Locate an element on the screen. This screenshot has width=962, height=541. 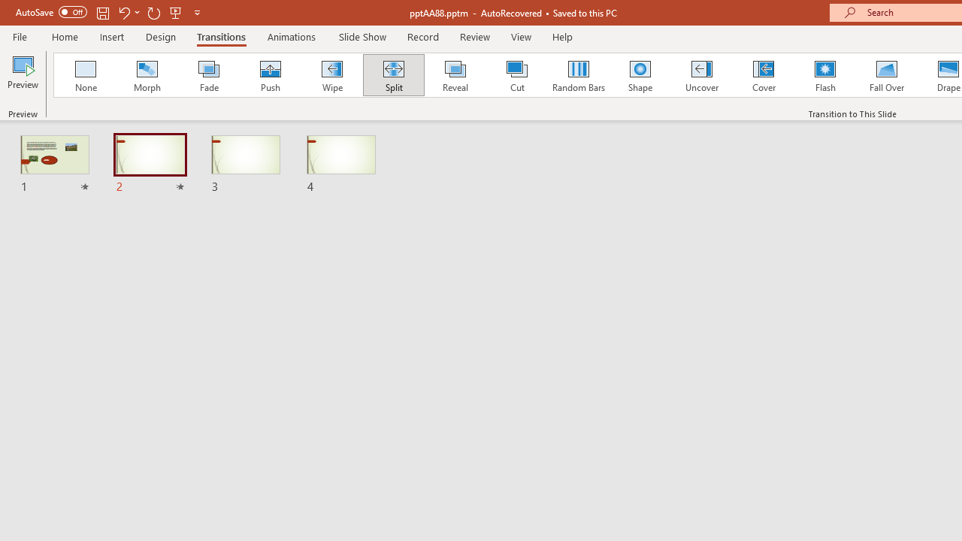
'Cover' is located at coordinates (764, 75).